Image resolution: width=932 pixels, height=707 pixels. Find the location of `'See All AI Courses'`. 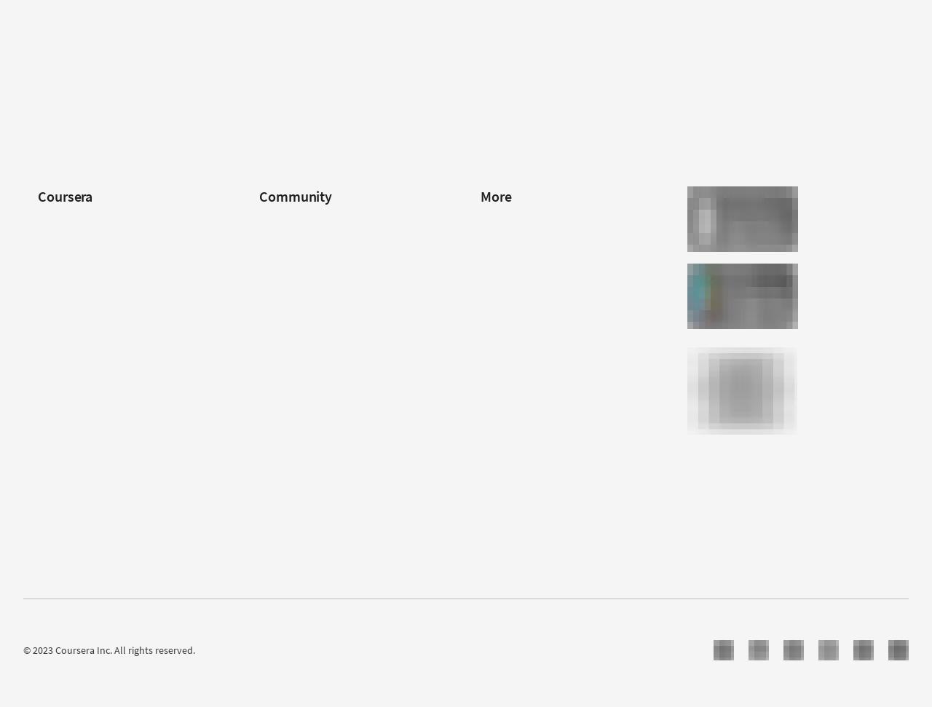

'See All AI Courses' is located at coordinates (75, 115).